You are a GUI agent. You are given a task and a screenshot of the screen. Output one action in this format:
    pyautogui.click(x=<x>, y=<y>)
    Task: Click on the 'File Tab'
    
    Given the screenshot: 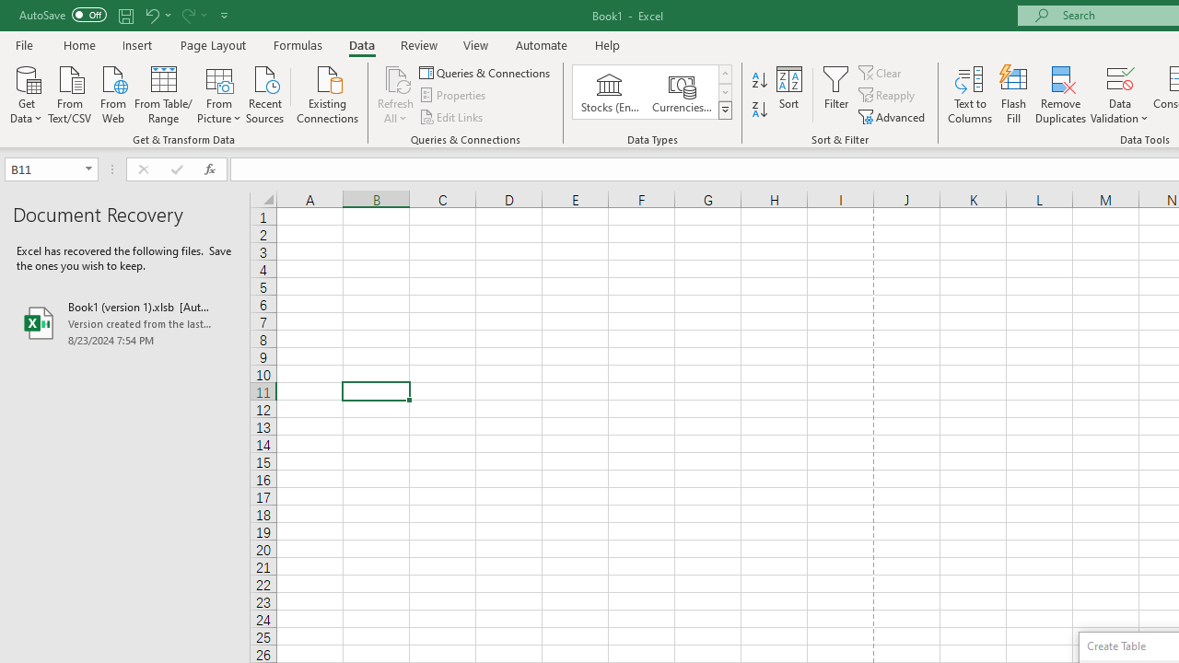 What is the action you would take?
    pyautogui.click(x=24, y=43)
    